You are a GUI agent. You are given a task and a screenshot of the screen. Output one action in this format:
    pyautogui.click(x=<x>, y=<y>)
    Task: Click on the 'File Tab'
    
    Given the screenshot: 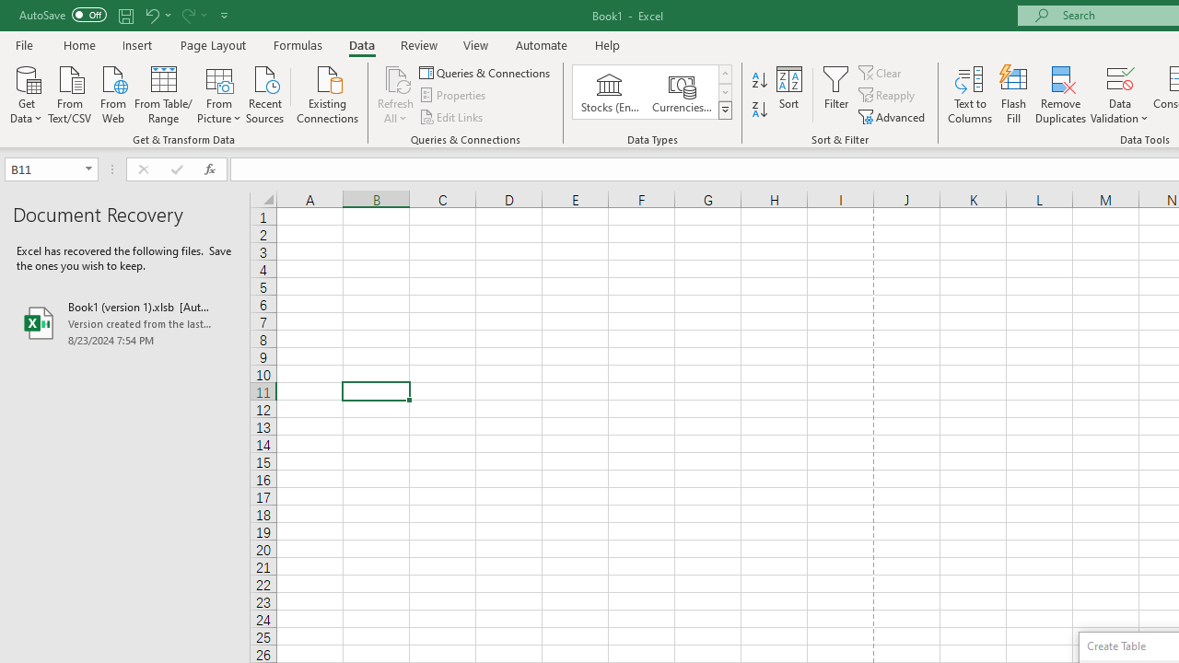 What is the action you would take?
    pyautogui.click(x=24, y=43)
    